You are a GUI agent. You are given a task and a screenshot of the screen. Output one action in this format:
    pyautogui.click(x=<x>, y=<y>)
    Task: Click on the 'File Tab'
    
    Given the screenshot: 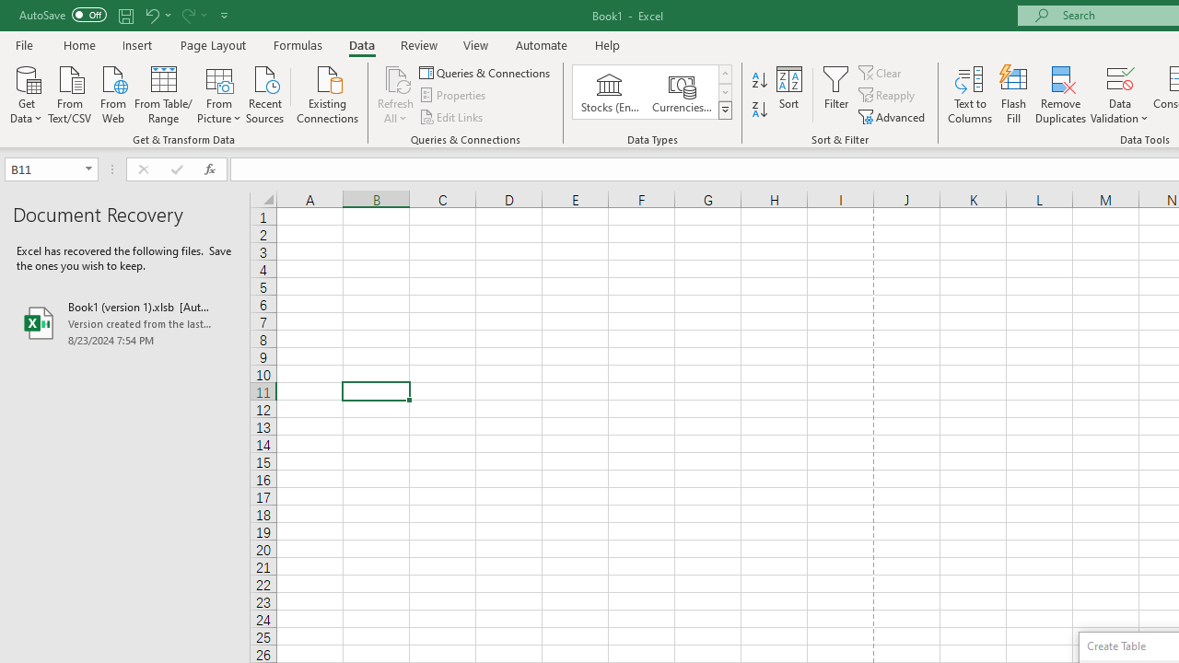 What is the action you would take?
    pyautogui.click(x=24, y=43)
    